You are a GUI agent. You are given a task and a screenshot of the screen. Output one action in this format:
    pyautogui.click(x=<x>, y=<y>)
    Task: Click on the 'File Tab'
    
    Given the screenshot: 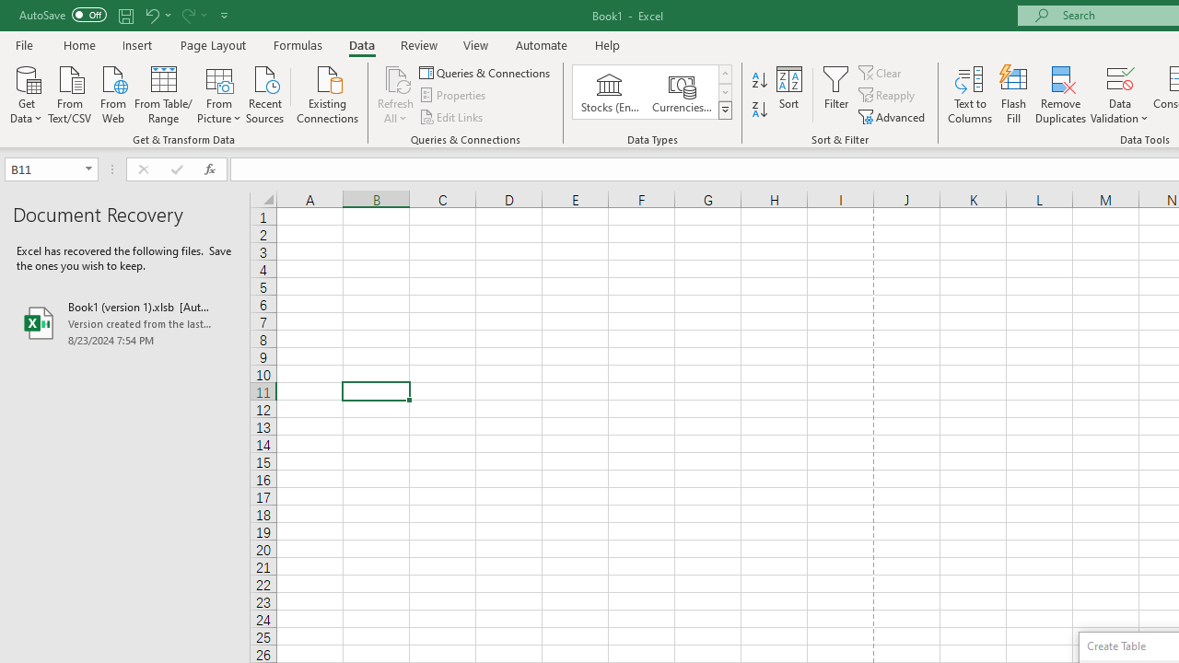 What is the action you would take?
    pyautogui.click(x=24, y=43)
    